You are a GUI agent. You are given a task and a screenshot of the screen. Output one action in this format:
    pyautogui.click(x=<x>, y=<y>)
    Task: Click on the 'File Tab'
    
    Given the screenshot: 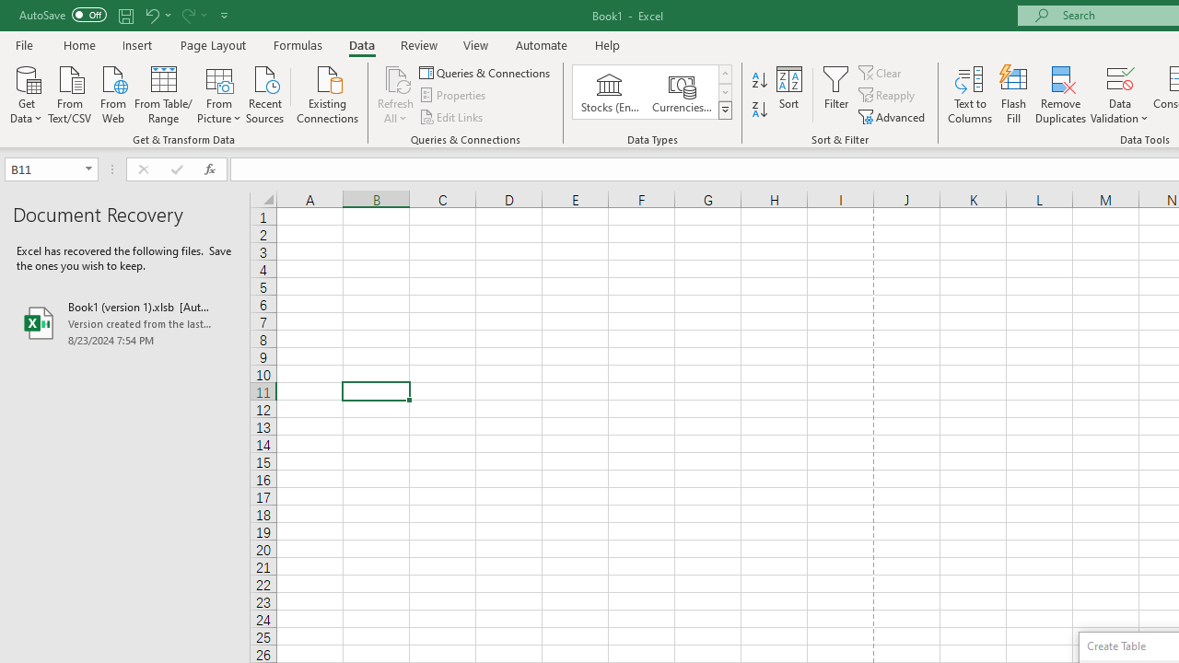 What is the action you would take?
    pyautogui.click(x=24, y=43)
    